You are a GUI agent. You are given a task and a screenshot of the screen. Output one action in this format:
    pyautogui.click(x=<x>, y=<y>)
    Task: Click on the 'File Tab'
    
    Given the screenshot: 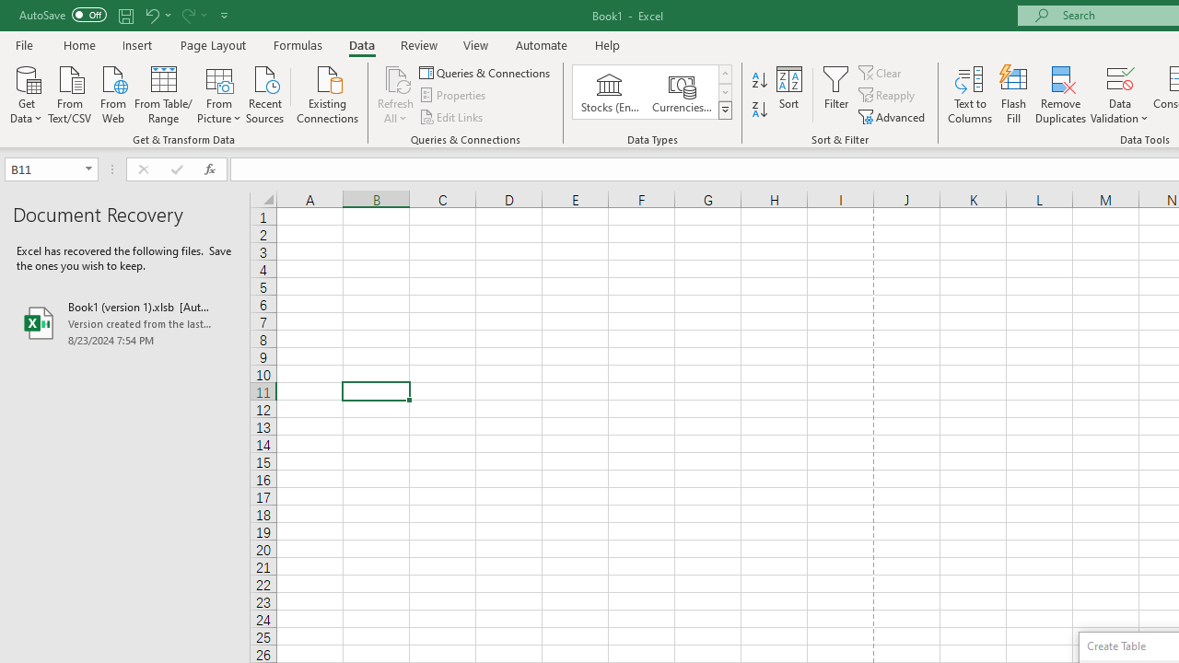 What is the action you would take?
    pyautogui.click(x=24, y=43)
    